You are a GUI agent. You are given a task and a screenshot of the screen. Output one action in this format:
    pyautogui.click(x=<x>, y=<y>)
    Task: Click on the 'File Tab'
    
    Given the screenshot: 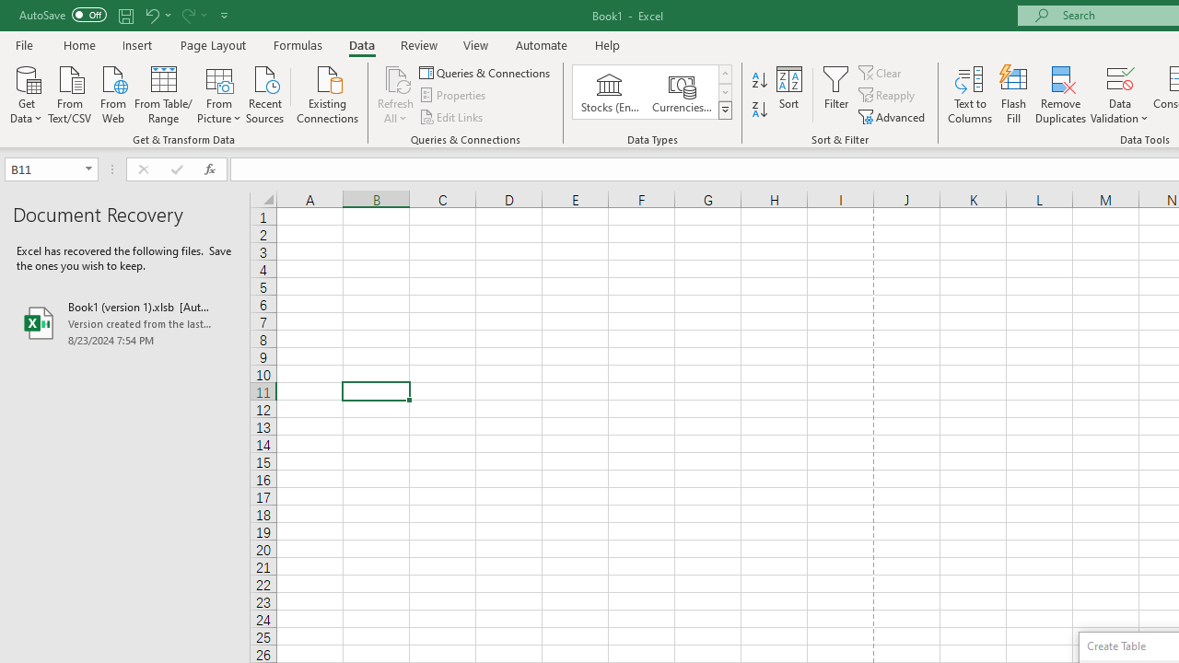 What is the action you would take?
    pyautogui.click(x=24, y=43)
    